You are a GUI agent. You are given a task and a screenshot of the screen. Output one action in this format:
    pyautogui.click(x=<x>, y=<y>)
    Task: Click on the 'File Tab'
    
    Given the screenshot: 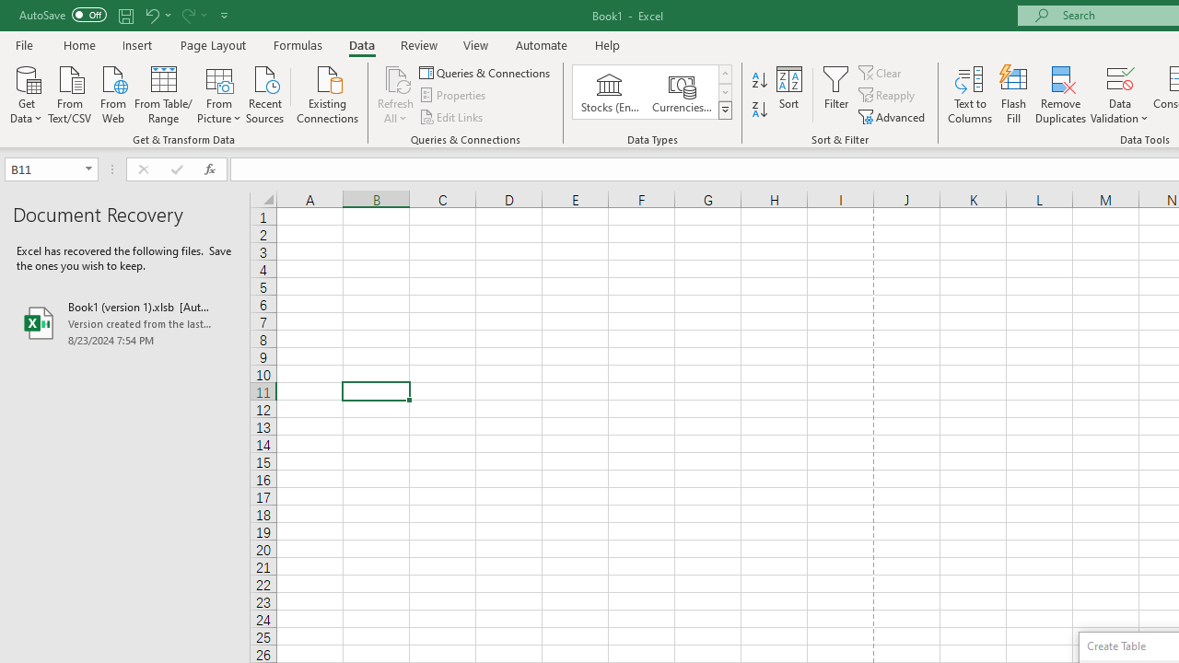 What is the action you would take?
    pyautogui.click(x=24, y=43)
    